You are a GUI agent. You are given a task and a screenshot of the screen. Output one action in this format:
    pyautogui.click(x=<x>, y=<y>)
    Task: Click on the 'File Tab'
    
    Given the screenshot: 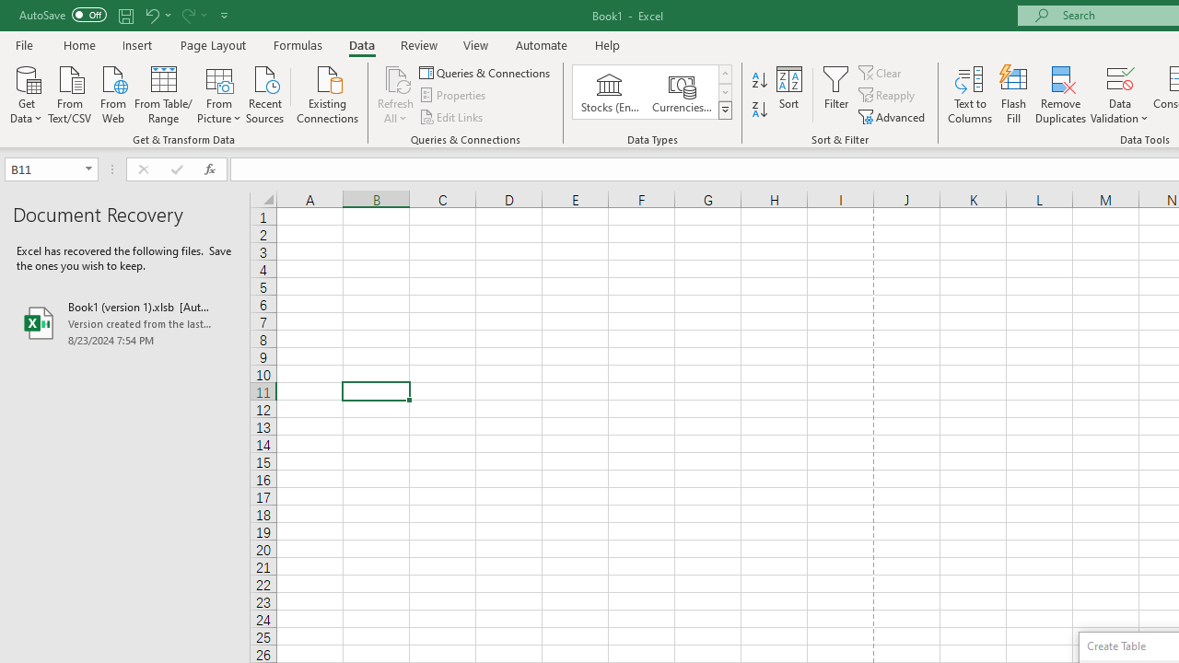 What is the action you would take?
    pyautogui.click(x=24, y=43)
    